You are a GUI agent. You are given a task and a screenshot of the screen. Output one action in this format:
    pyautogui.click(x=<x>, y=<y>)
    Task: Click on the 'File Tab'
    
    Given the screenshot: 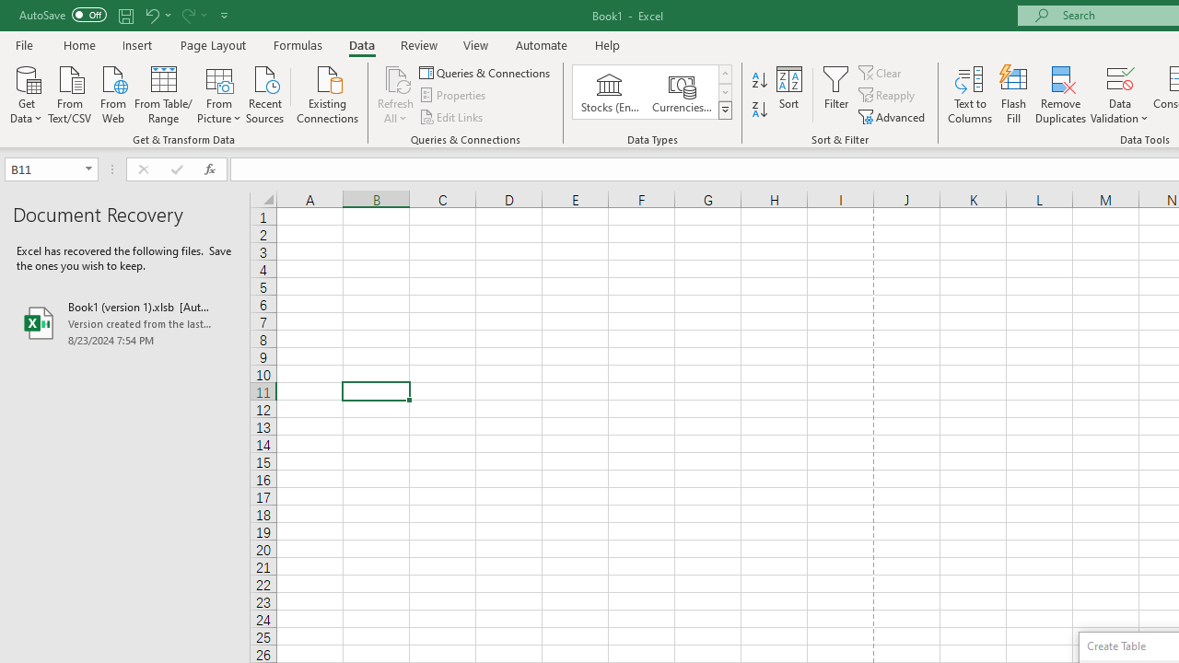 What is the action you would take?
    pyautogui.click(x=24, y=43)
    